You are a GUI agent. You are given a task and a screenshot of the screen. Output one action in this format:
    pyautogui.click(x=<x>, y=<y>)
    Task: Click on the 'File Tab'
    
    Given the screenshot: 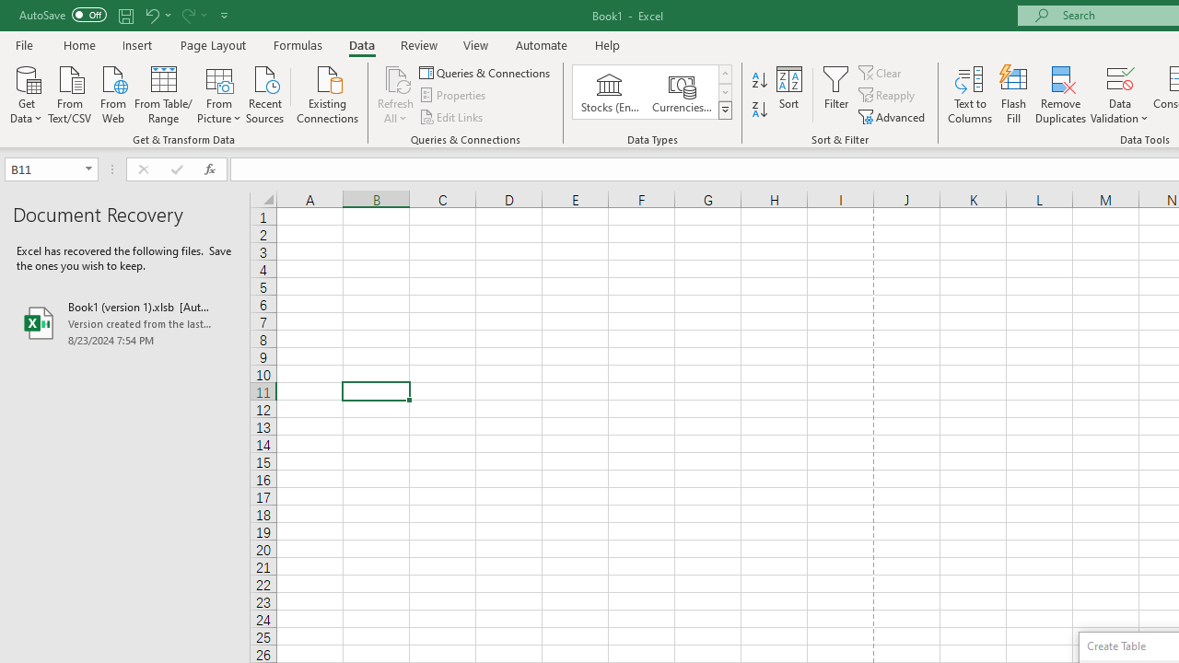 What is the action you would take?
    pyautogui.click(x=24, y=43)
    